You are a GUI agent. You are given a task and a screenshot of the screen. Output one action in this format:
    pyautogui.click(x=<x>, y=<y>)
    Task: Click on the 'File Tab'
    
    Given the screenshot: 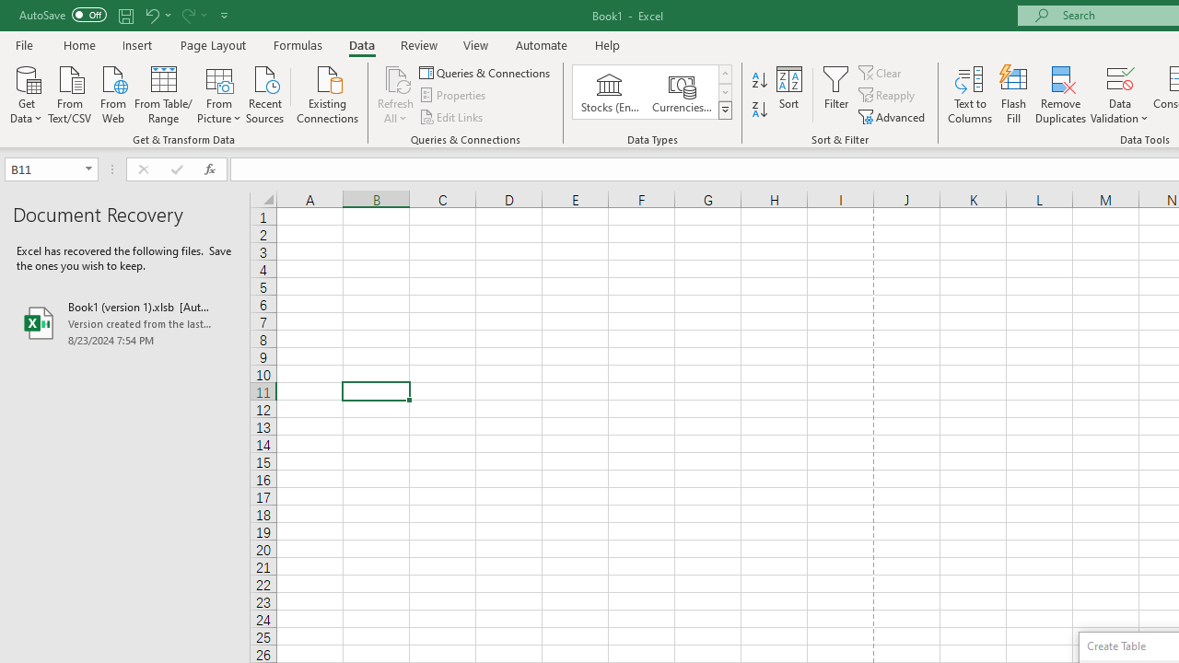 What is the action you would take?
    pyautogui.click(x=24, y=43)
    